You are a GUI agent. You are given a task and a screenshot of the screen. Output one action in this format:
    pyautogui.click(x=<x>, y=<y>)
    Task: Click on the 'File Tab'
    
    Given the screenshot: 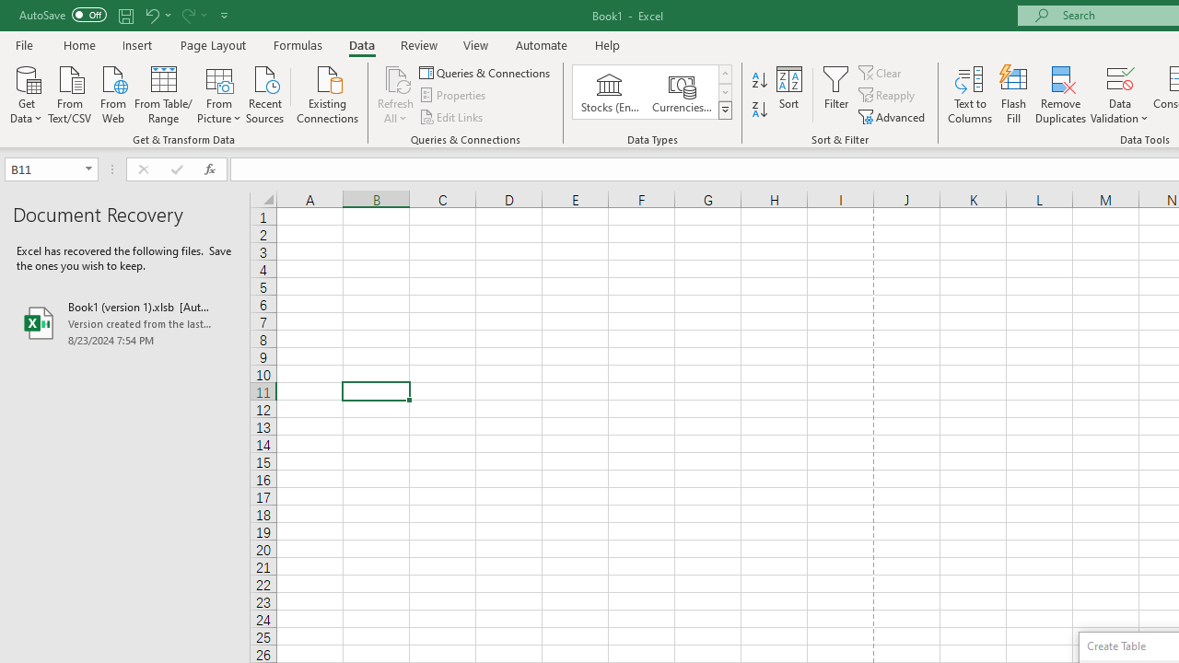 What is the action you would take?
    pyautogui.click(x=24, y=43)
    